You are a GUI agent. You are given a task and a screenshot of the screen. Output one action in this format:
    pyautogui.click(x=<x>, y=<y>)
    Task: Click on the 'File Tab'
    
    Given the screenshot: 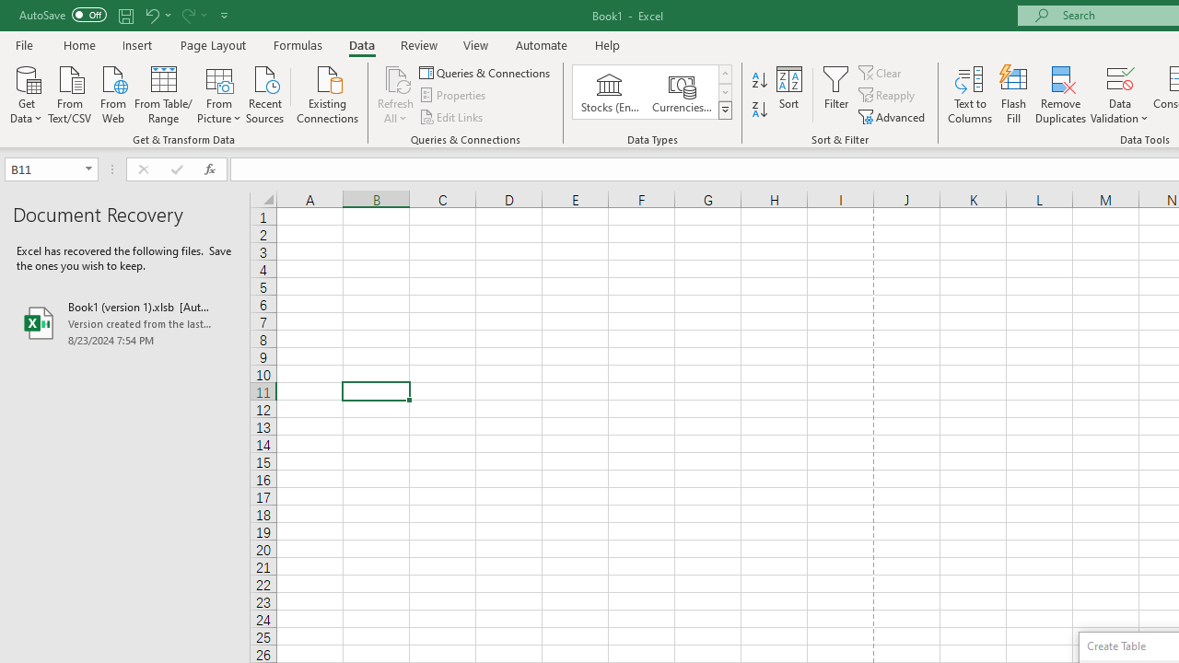 What is the action you would take?
    pyautogui.click(x=24, y=43)
    